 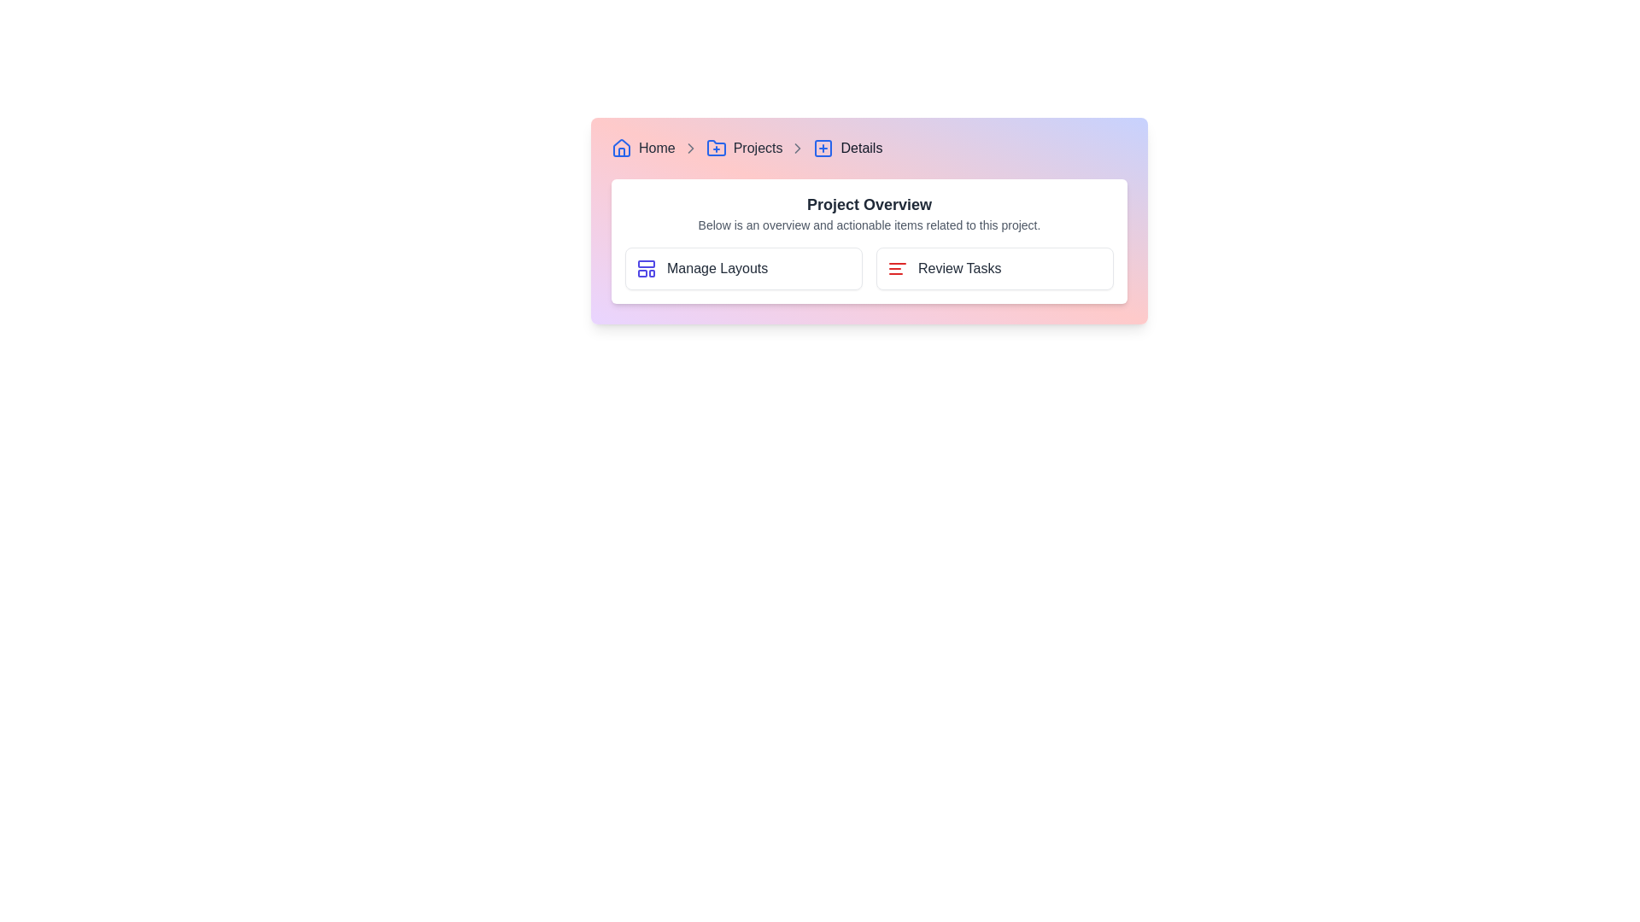 What do you see at coordinates (690, 147) in the screenshot?
I see `the first chevron icon in the breadcrumb navigation bar, which separates 'Home' and 'Projects'` at bounding box center [690, 147].